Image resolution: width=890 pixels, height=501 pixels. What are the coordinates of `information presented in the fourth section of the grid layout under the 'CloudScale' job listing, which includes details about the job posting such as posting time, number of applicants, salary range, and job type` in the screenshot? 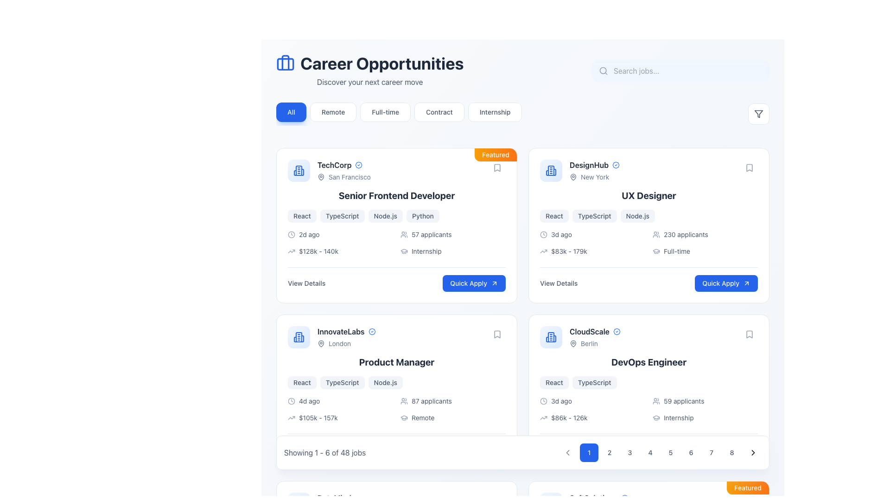 It's located at (648, 409).